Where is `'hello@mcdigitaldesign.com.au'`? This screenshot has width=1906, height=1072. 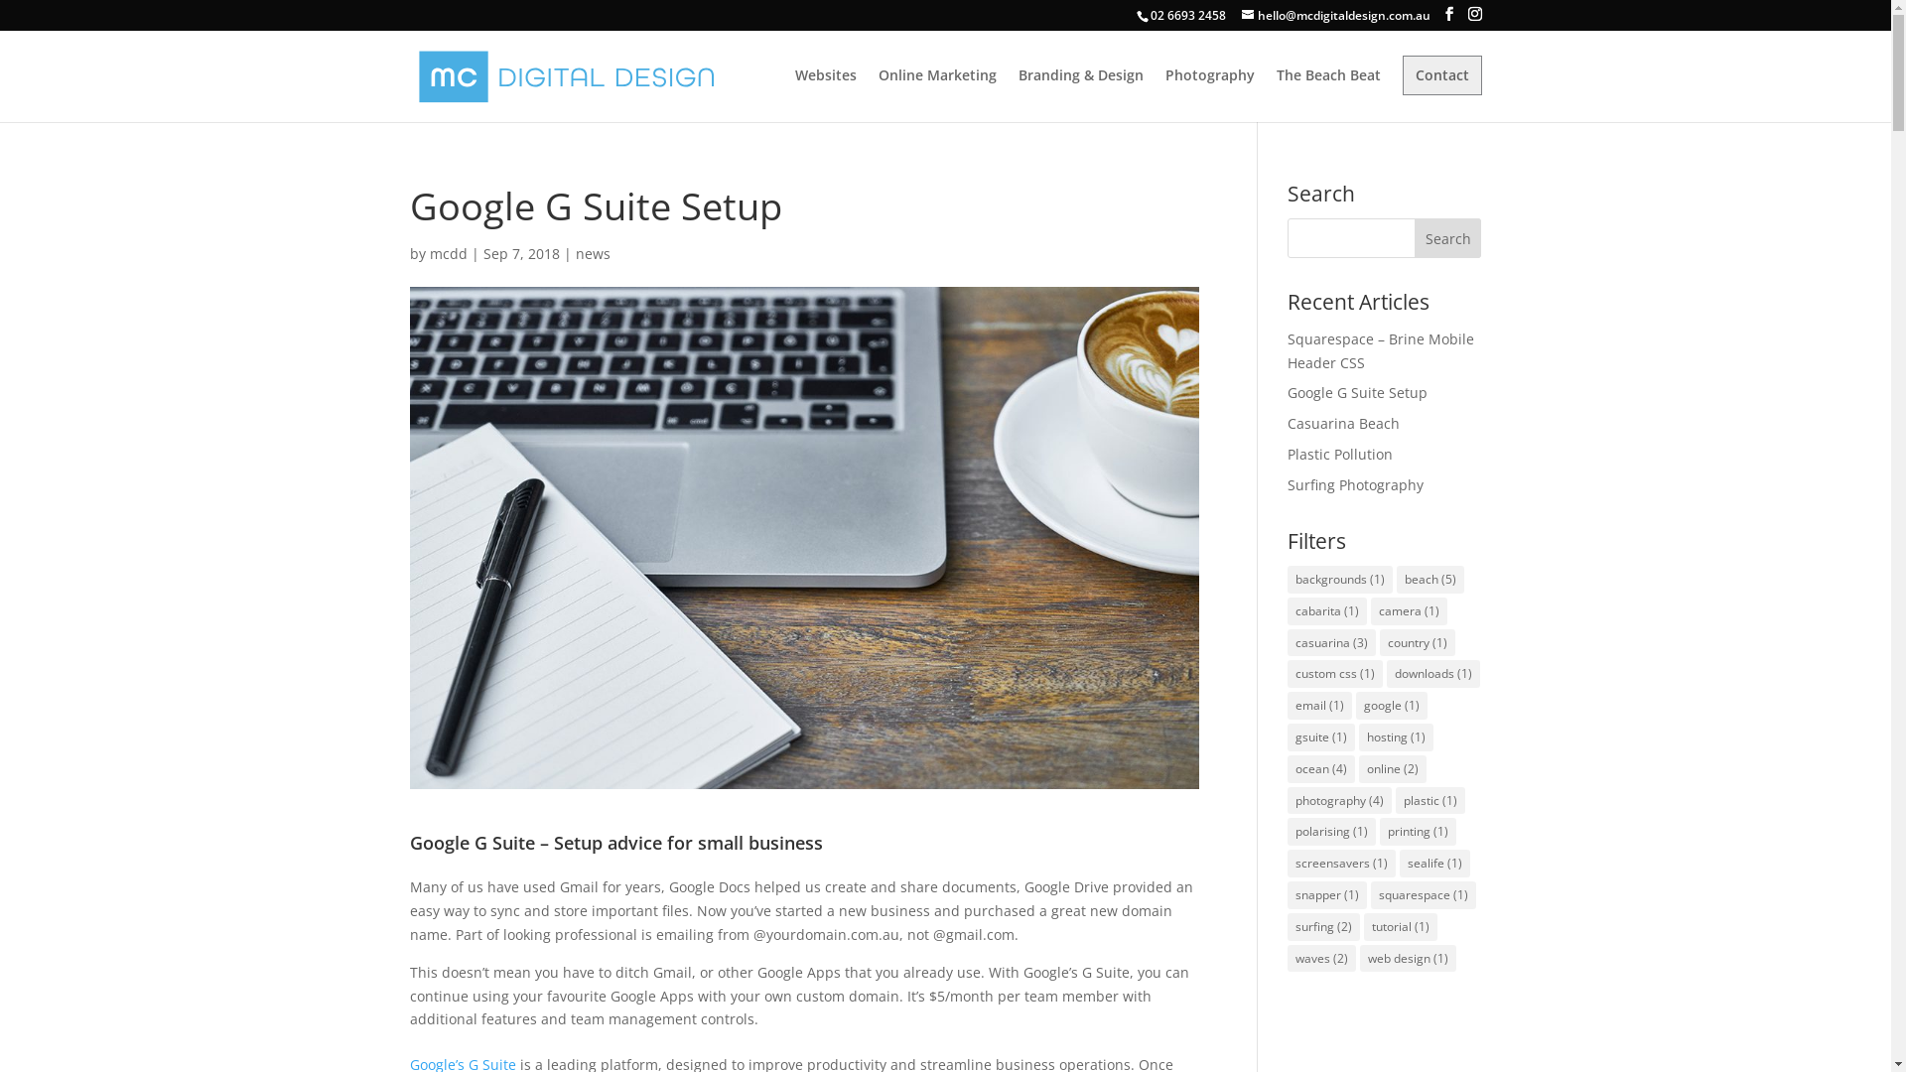 'hello@mcdigitaldesign.com.au' is located at coordinates (1334, 15).